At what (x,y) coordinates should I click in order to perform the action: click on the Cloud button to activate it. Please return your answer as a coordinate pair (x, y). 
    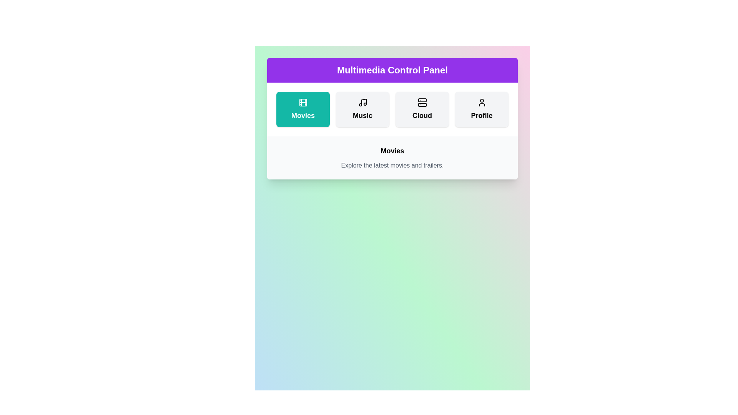
    Looking at the image, I should click on (422, 110).